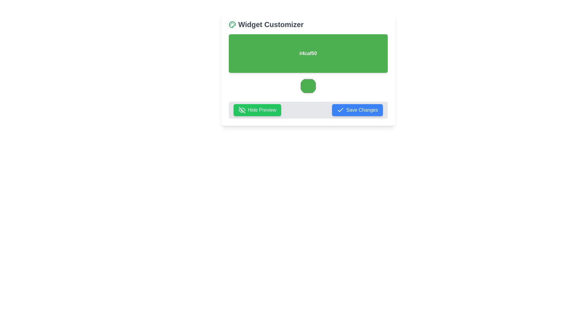 The width and height of the screenshot is (578, 325). Describe the element at coordinates (232, 24) in the screenshot. I see `the green-colored palette icon located at the top-left corner of the 'Widget Customizer' section, which is the first component on the left above a green rectangular box and next to the label text 'Widget Customizer'` at that location.